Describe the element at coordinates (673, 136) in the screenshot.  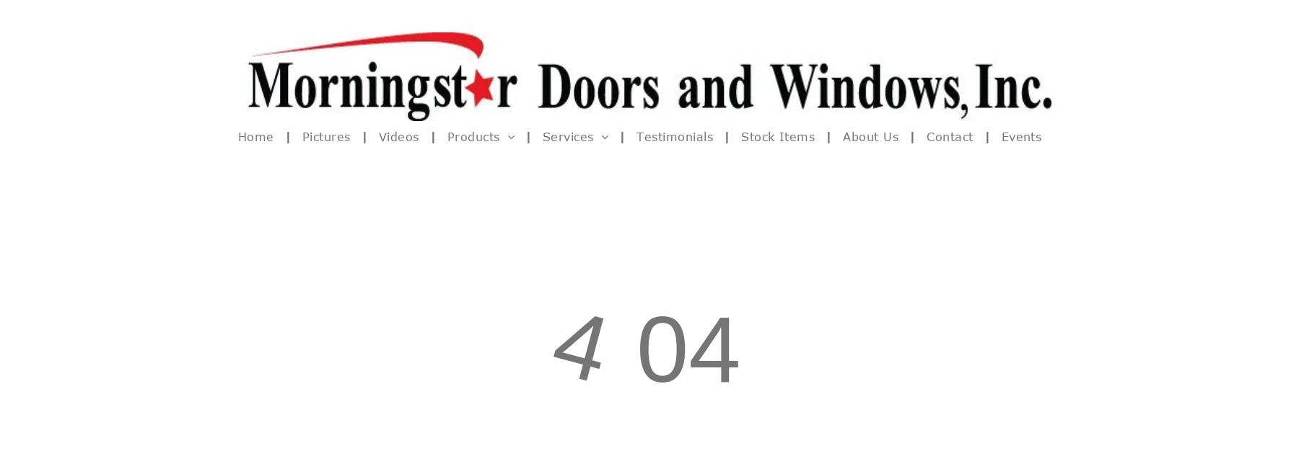
I see `'Testimonials'` at that location.